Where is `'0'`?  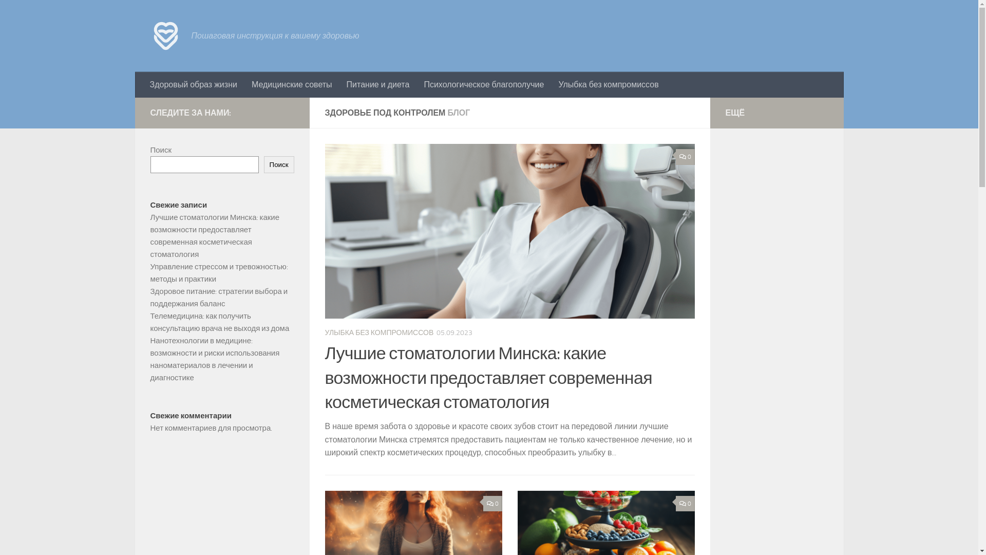
'0' is located at coordinates (685, 157).